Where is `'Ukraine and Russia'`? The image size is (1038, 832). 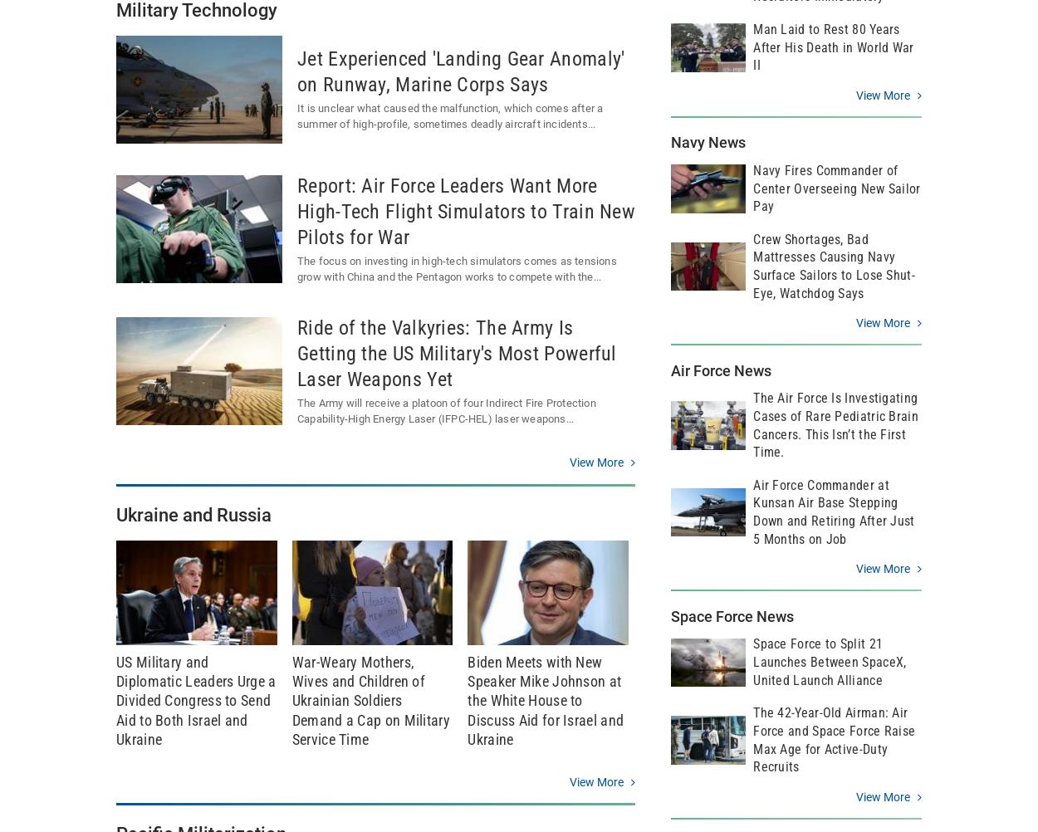 'Ukraine and Russia' is located at coordinates (116, 513).